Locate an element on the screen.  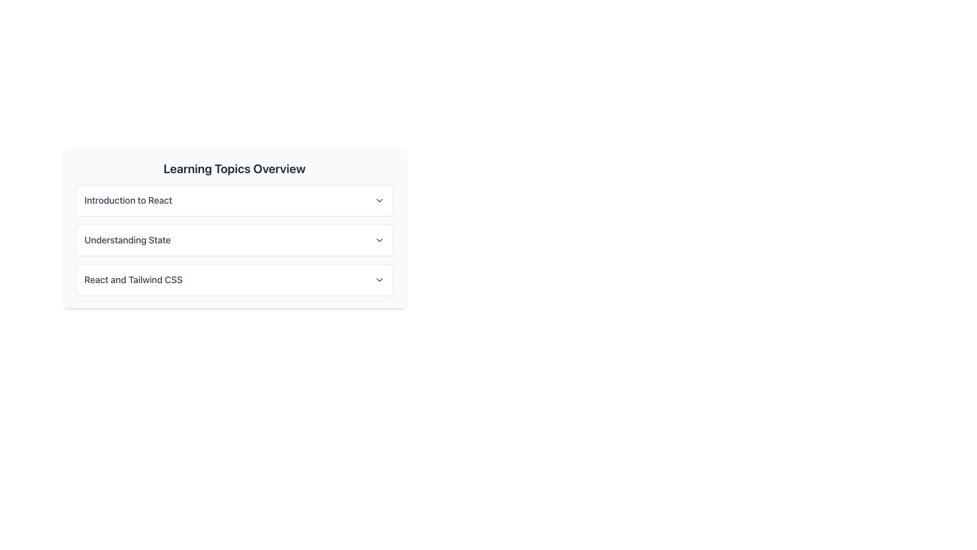
the 'Understanding State' entry in the Collapsible List Item is located at coordinates (234, 240).